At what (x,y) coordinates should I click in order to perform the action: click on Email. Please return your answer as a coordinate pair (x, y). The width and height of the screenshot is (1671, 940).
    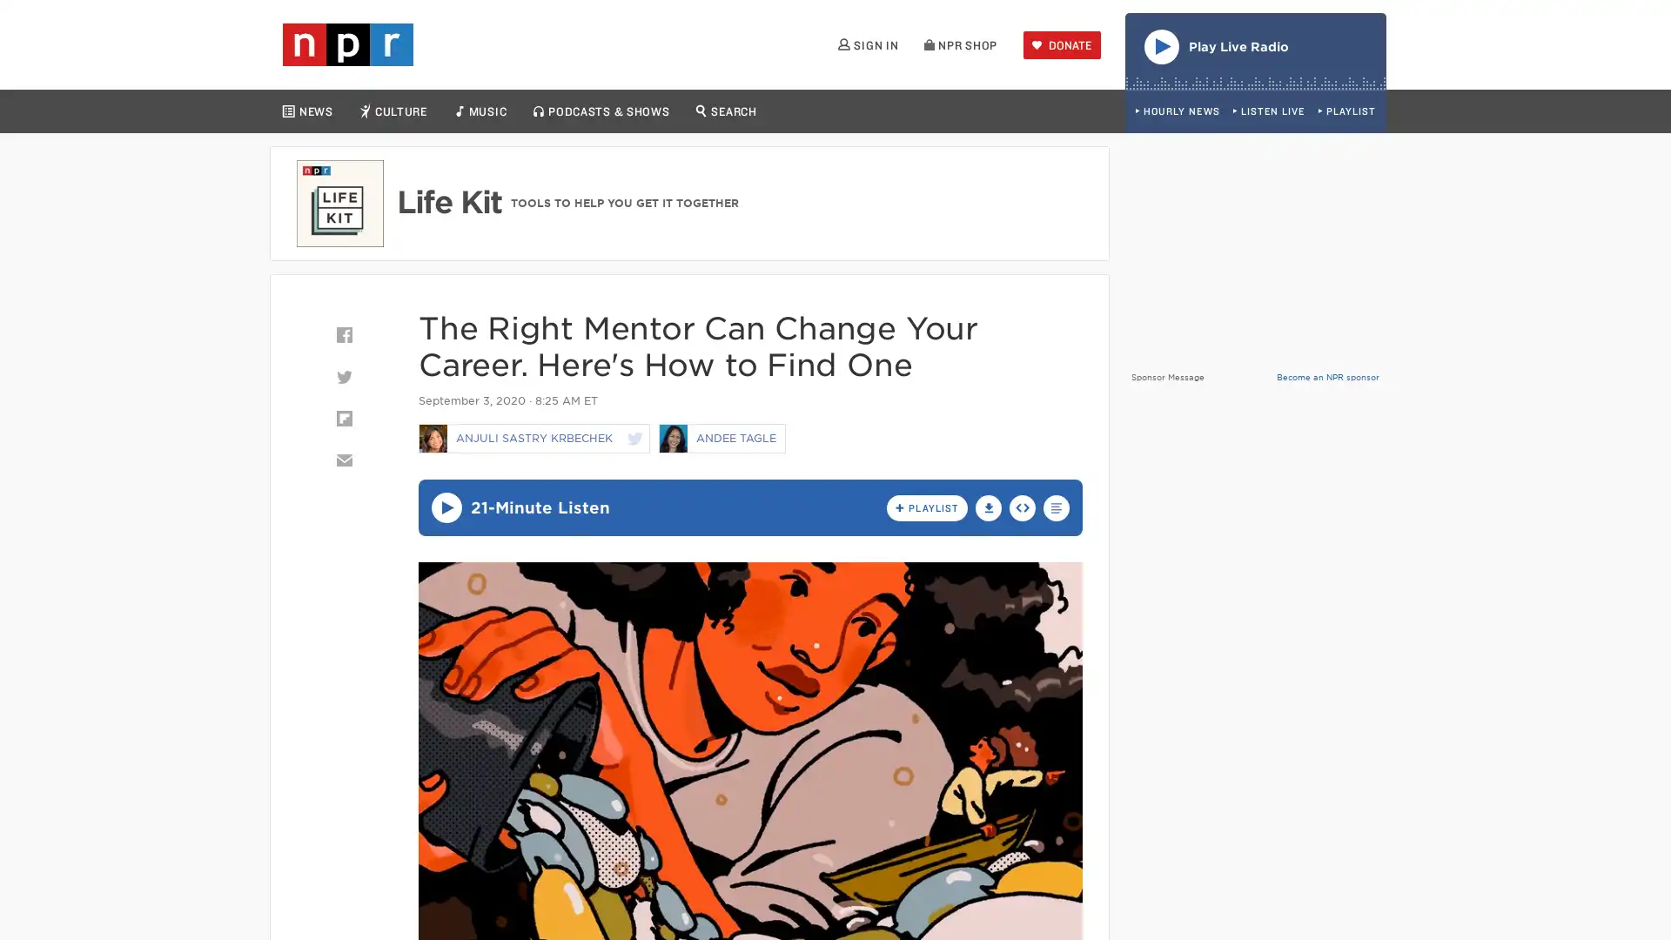
    Looking at the image, I should click on (343, 459).